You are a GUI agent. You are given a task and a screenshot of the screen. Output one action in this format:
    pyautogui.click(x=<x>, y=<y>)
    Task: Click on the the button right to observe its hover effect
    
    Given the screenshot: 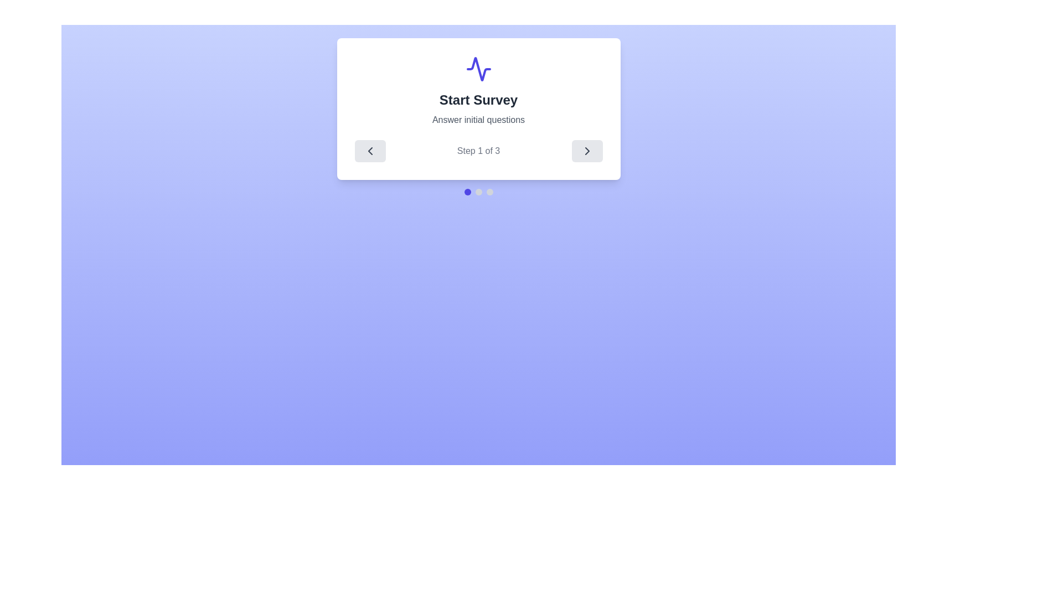 What is the action you would take?
    pyautogui.click(x=586, y=151)
    